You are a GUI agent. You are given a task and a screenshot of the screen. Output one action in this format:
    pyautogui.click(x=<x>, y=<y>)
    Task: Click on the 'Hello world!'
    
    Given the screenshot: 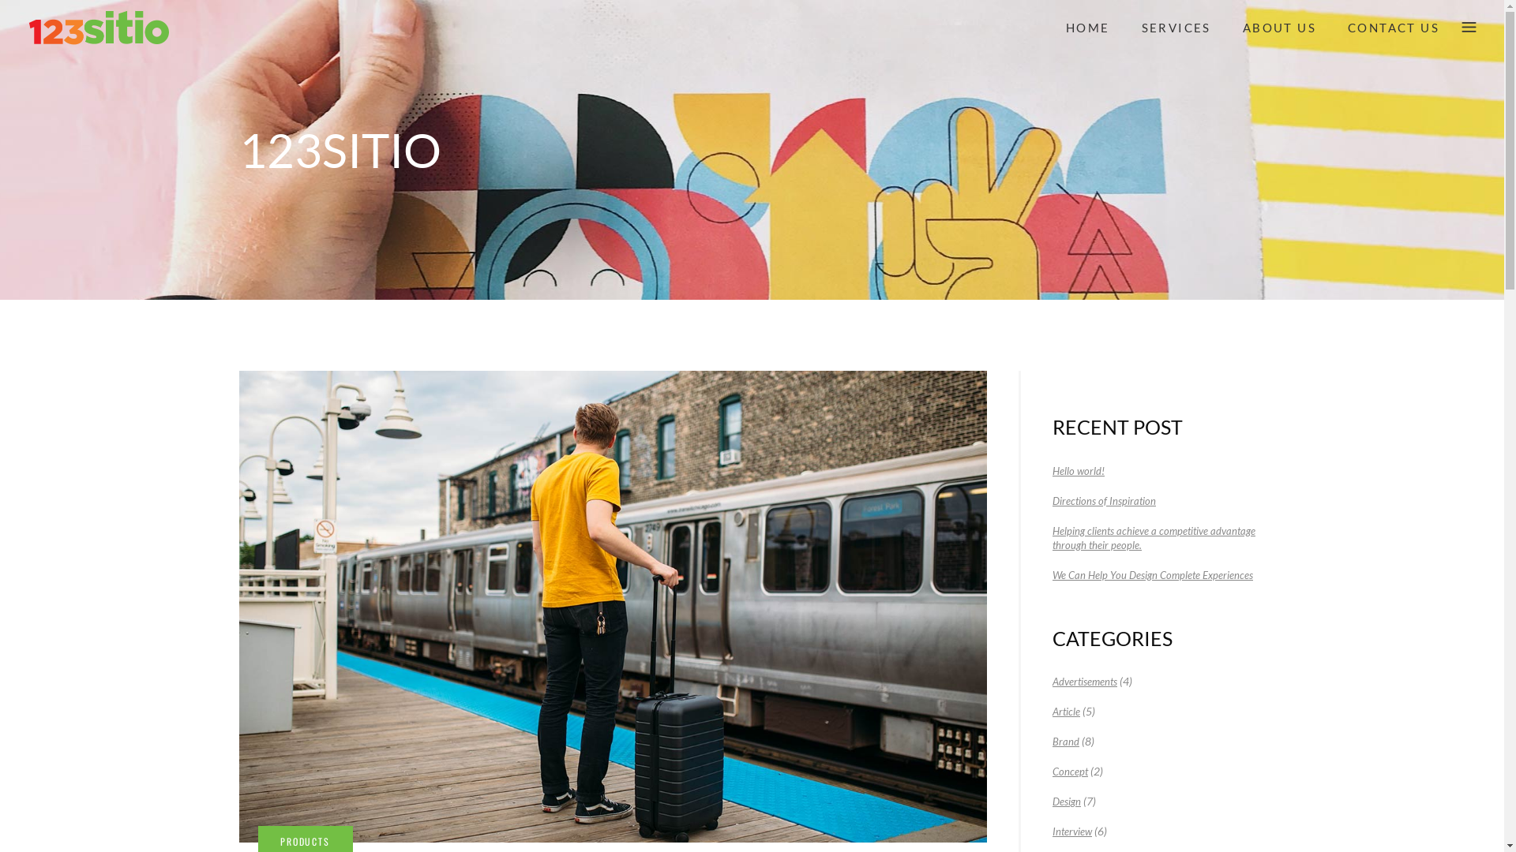 What is the action you would take?
    pyautogui.click(x=1078, y=469)
    